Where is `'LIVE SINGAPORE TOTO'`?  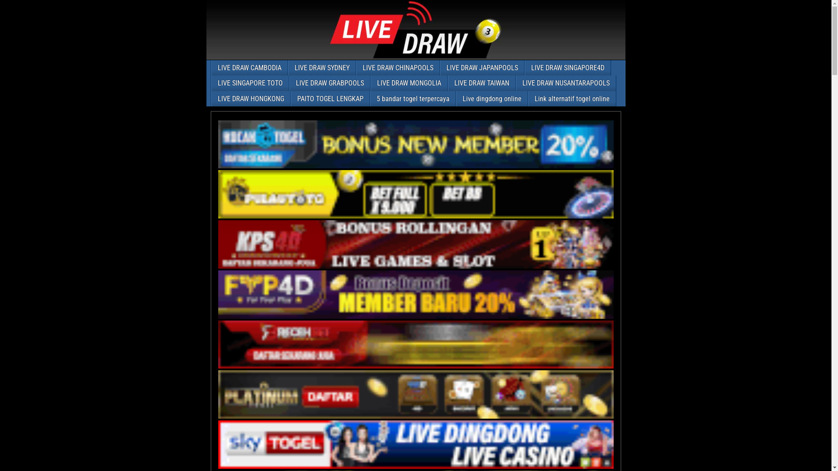 'LIVE SINGAPORE TOTO' is located at coordinates (249, 83).